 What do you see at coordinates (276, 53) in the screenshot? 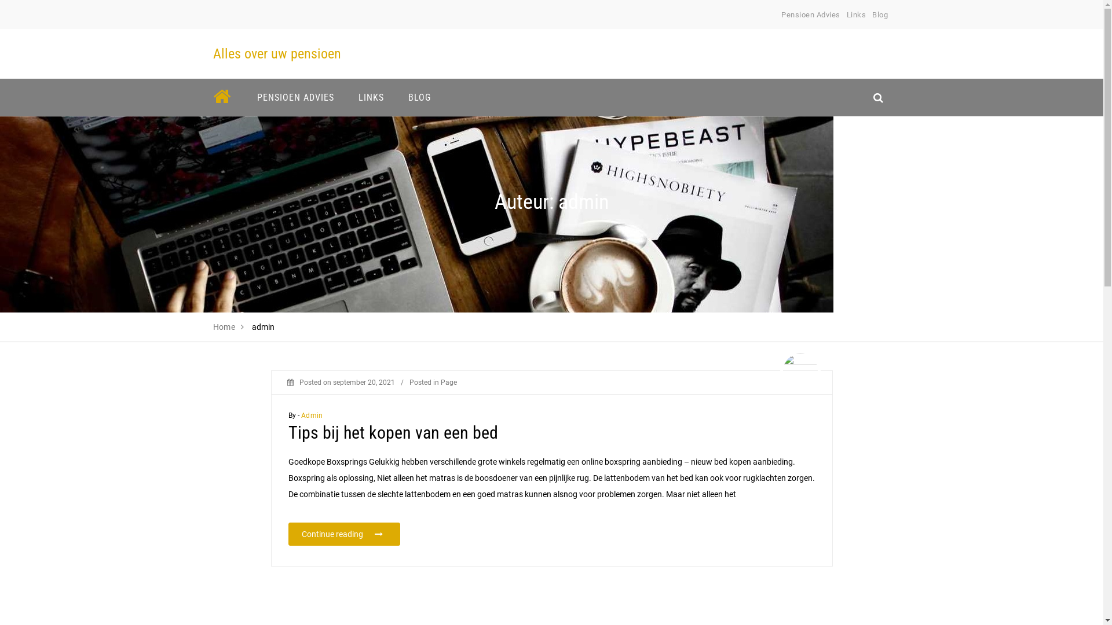
I see `'Alles over uw pensioen'` at bounding box center [276, 53].